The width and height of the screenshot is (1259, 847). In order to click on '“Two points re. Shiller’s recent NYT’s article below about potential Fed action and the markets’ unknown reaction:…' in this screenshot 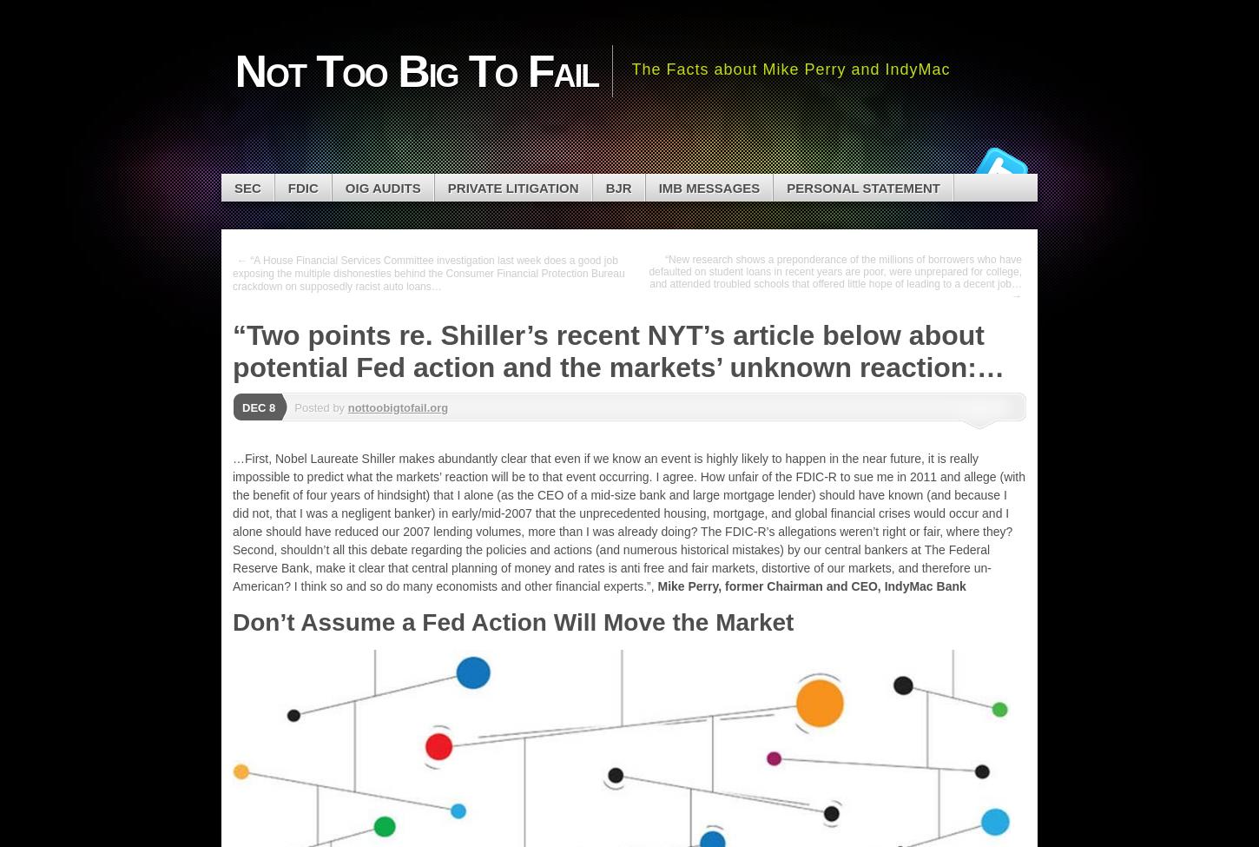, I will do `click(617, 351)`.